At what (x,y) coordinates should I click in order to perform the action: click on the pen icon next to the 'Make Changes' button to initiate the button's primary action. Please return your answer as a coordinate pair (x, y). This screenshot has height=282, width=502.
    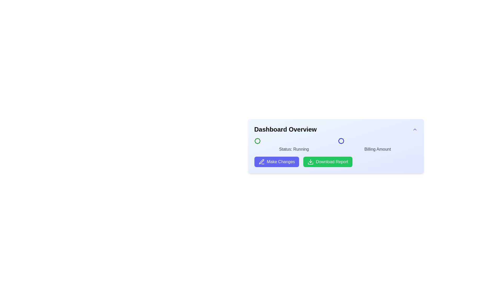
    Looking at the image, I should click on (261, 162).